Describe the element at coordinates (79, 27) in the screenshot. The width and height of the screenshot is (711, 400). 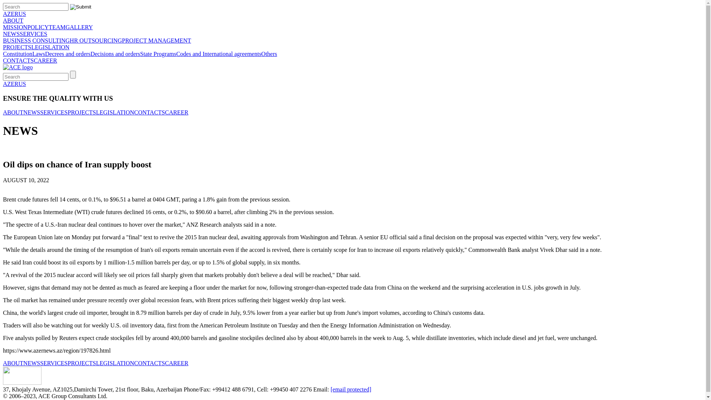
I see `'GALLERY'` at that location.